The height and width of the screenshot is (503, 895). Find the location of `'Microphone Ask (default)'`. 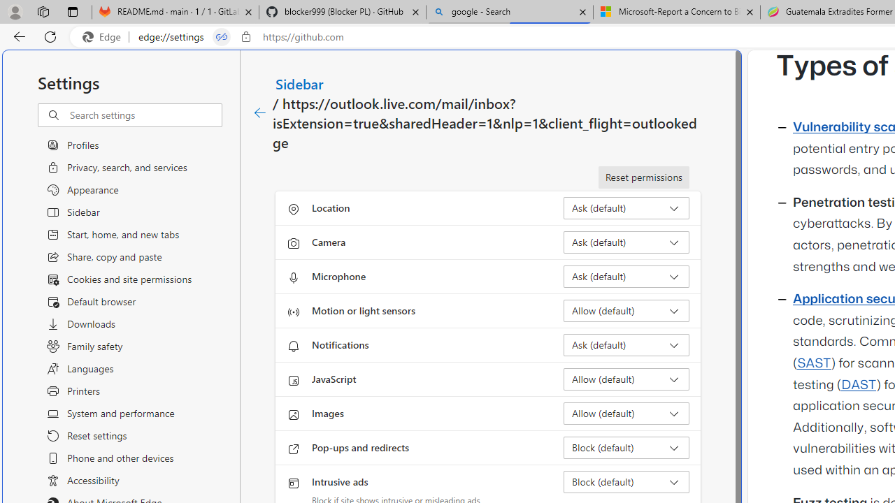

'Microphone Ask (default)' is located at coordinates (626, 277).